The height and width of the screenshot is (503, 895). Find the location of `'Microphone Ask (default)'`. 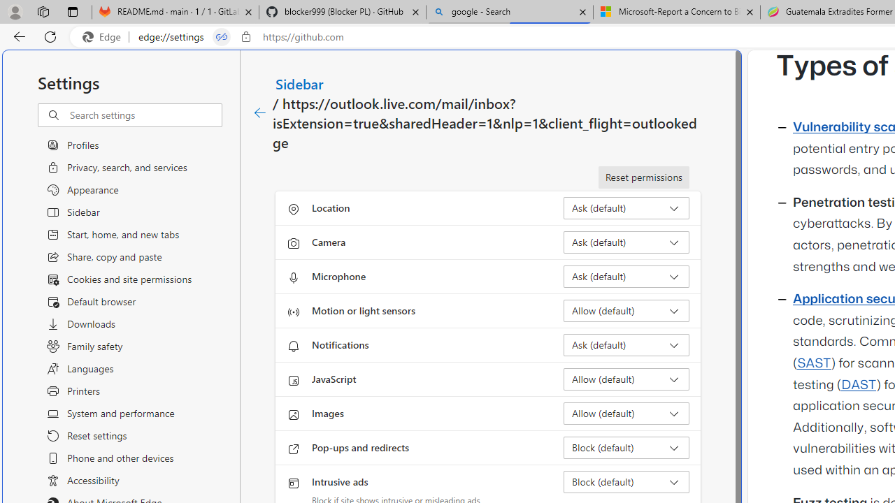

'Microphone Ask (default)' is located at coordinates (626, 277).